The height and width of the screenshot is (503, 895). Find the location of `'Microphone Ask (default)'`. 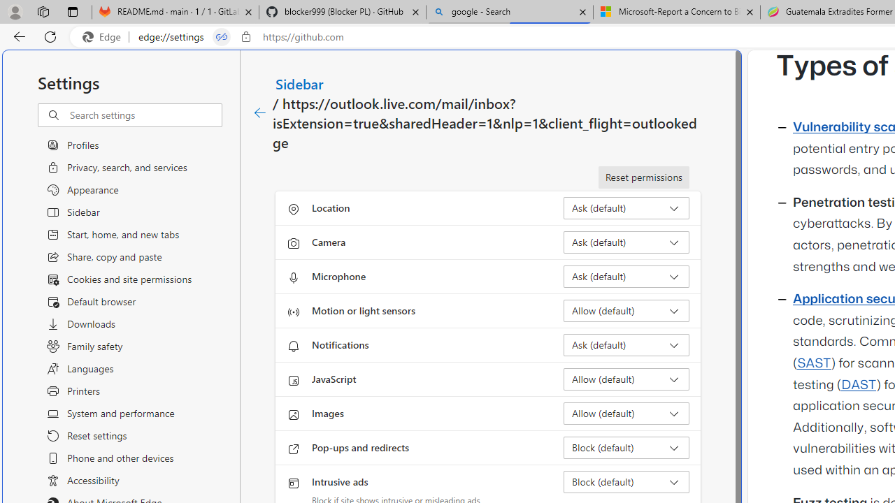

'Microphone Ask (default)' is located at coordinates (626, 277).